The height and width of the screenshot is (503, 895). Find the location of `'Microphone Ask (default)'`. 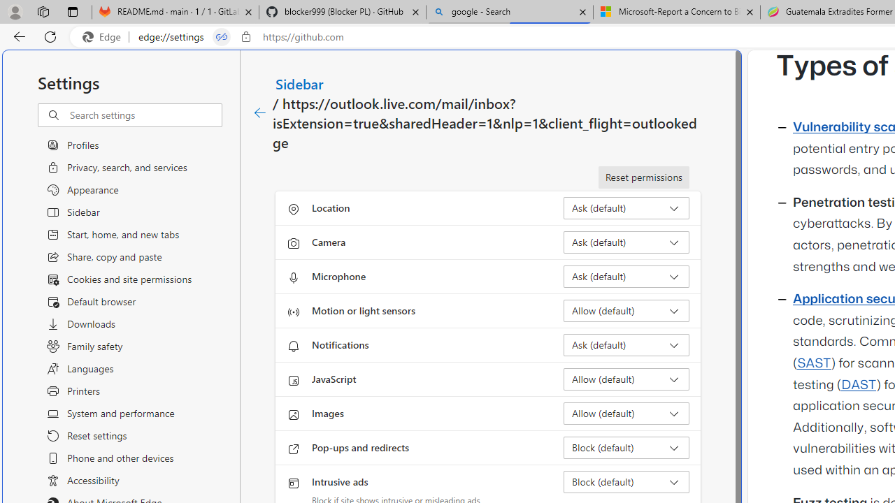

'Microphone Ask (default)' is located at coordinates (626, 277).